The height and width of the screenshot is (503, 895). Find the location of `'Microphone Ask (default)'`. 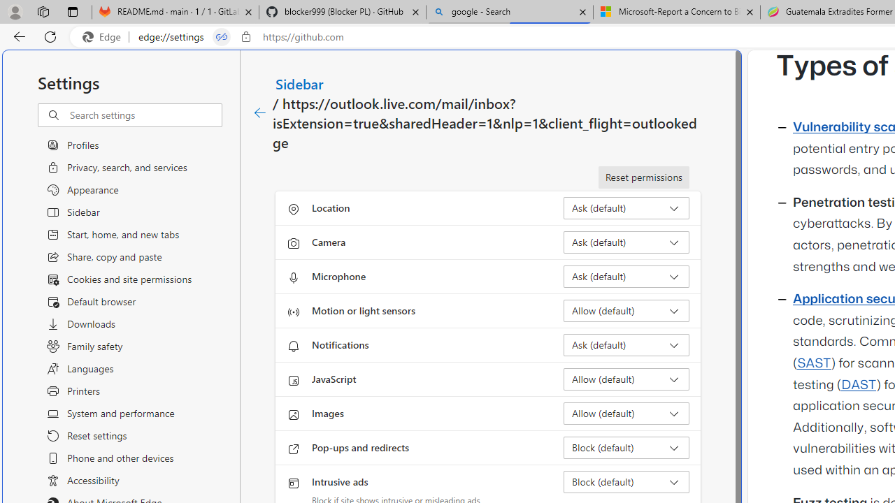

'Microphone Ask (default)' is located at coordinates (626, 277).